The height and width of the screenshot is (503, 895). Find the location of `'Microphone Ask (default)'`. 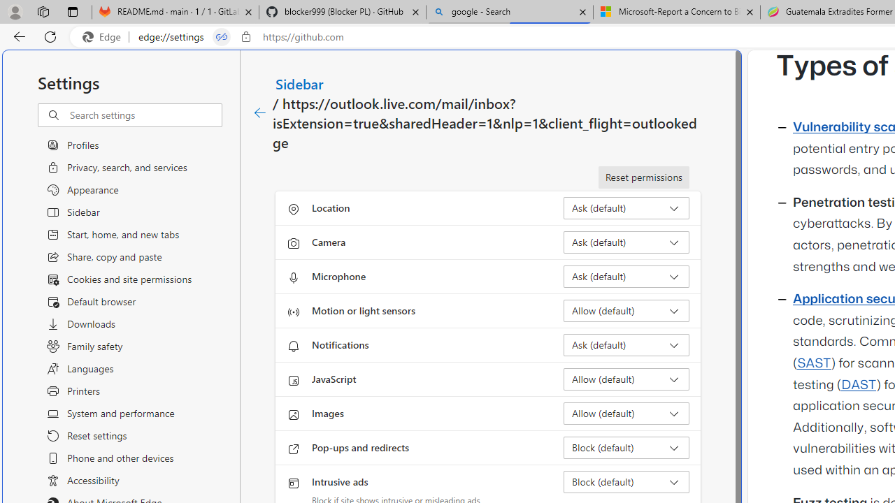

'Microphone Ask (default)' is located at coordinates (626, 277).